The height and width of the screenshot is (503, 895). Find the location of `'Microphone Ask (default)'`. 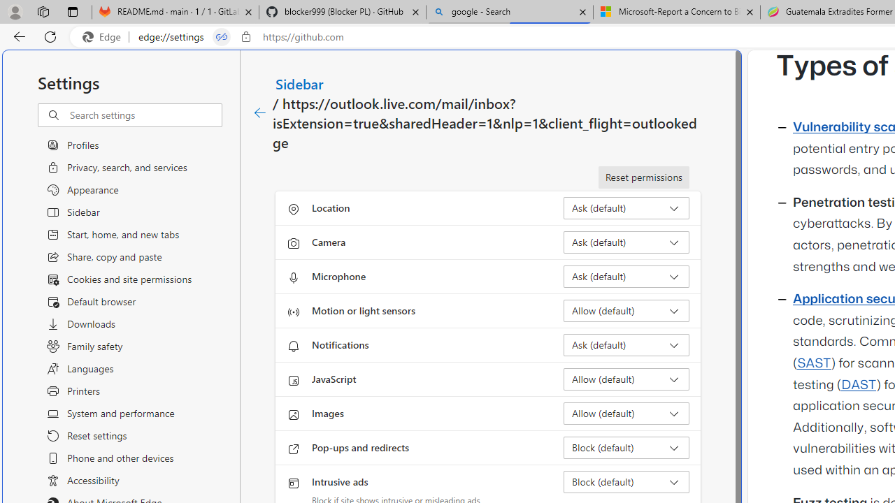

'Microphone Ask (default)' is located at coordinates (626, 277).